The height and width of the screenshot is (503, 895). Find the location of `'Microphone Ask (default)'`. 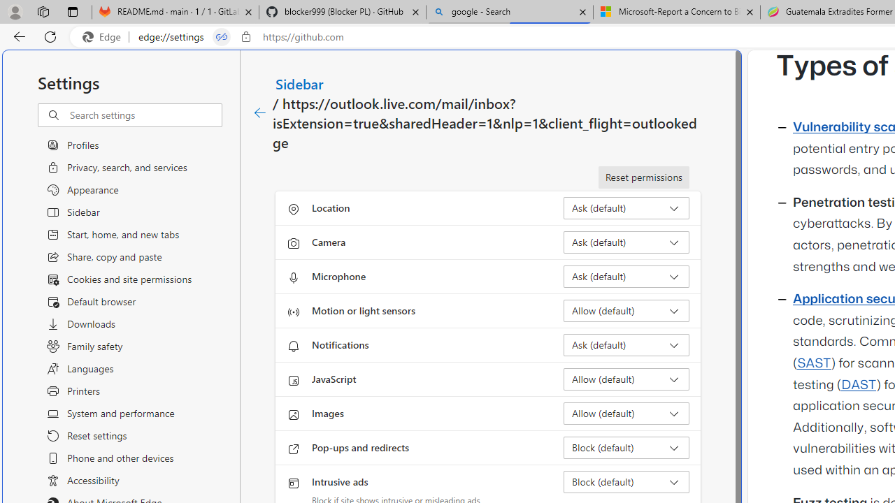

'Microphone Ask (default)' is located at coordinates (626, 277).